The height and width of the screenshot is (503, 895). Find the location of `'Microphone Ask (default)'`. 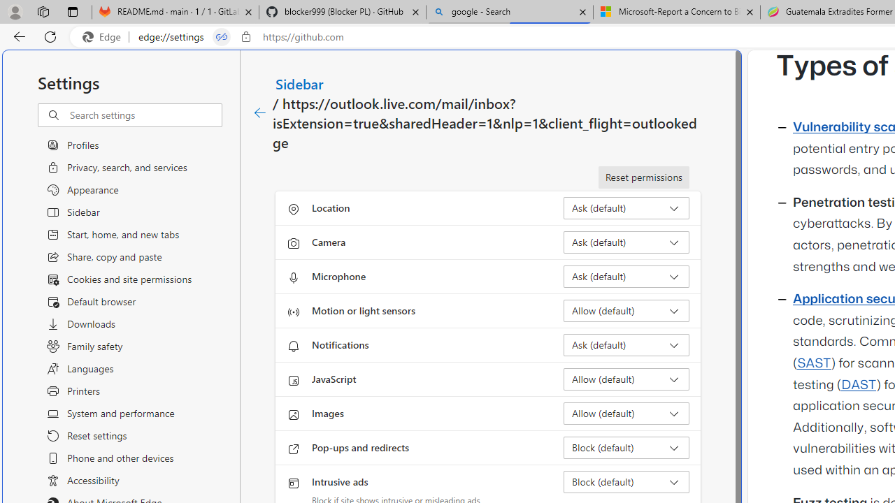

'Microphone Ask (default)' is located at coordinates (626, 277).